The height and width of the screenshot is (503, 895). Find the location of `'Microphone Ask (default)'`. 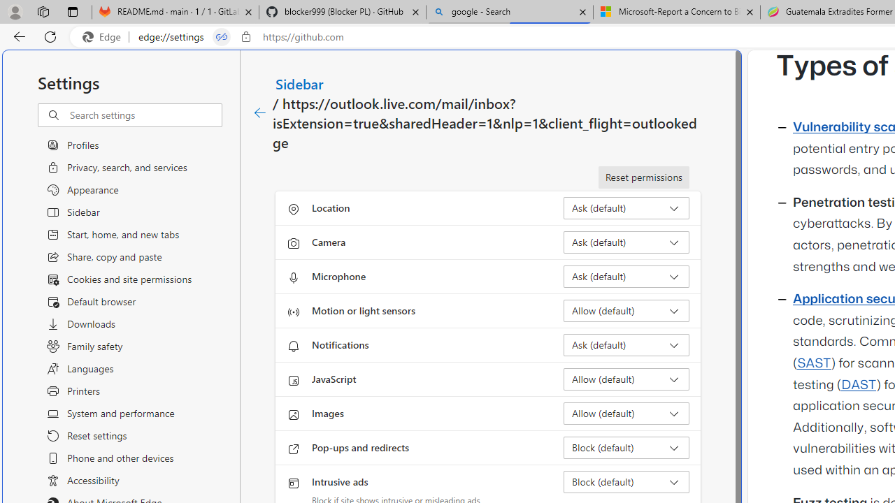

'Microphone Ask (default)' is located at coordinates (626, 277).